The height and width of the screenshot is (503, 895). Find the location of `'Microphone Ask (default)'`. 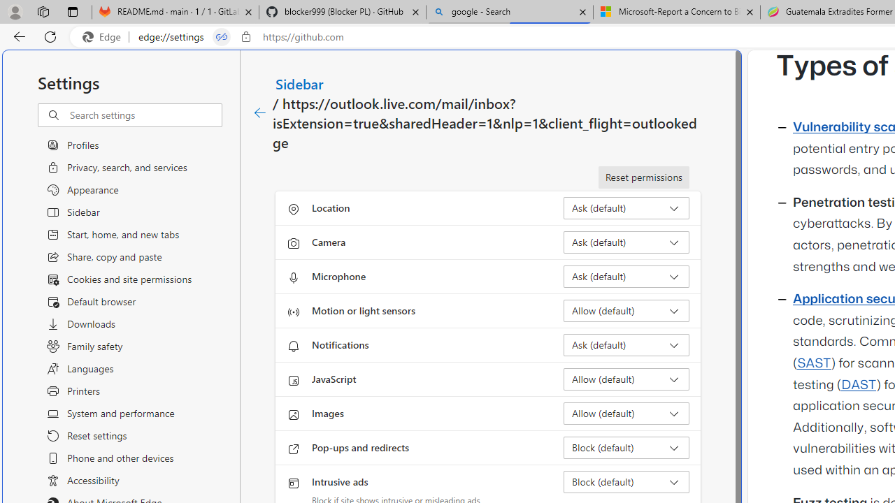

'Microphone Ask (default)' is located at coordinates (626, 277).